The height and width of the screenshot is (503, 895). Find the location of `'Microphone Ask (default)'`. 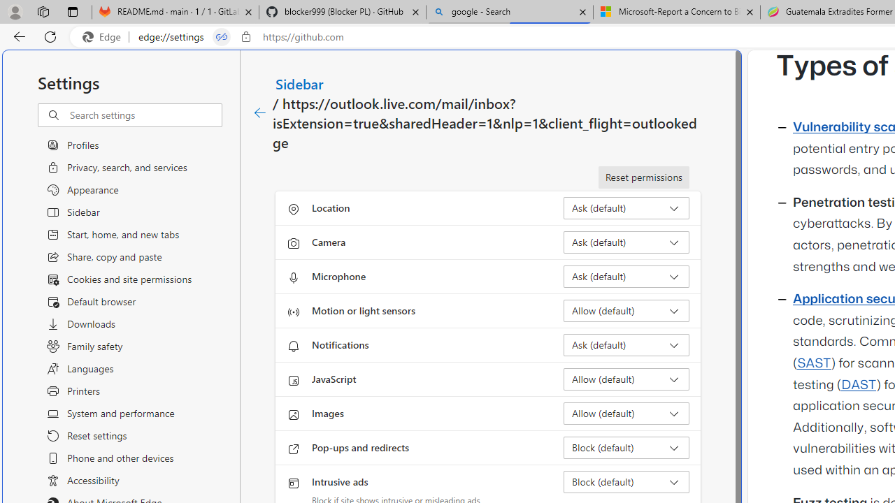

'Microphone Ask (default)' is located at coordinates (626, 277).